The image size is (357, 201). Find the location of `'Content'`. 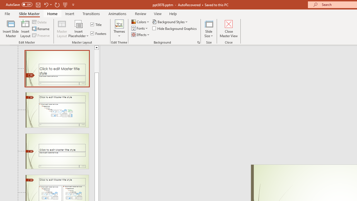

'Content' is located at coordinates (78, 23).